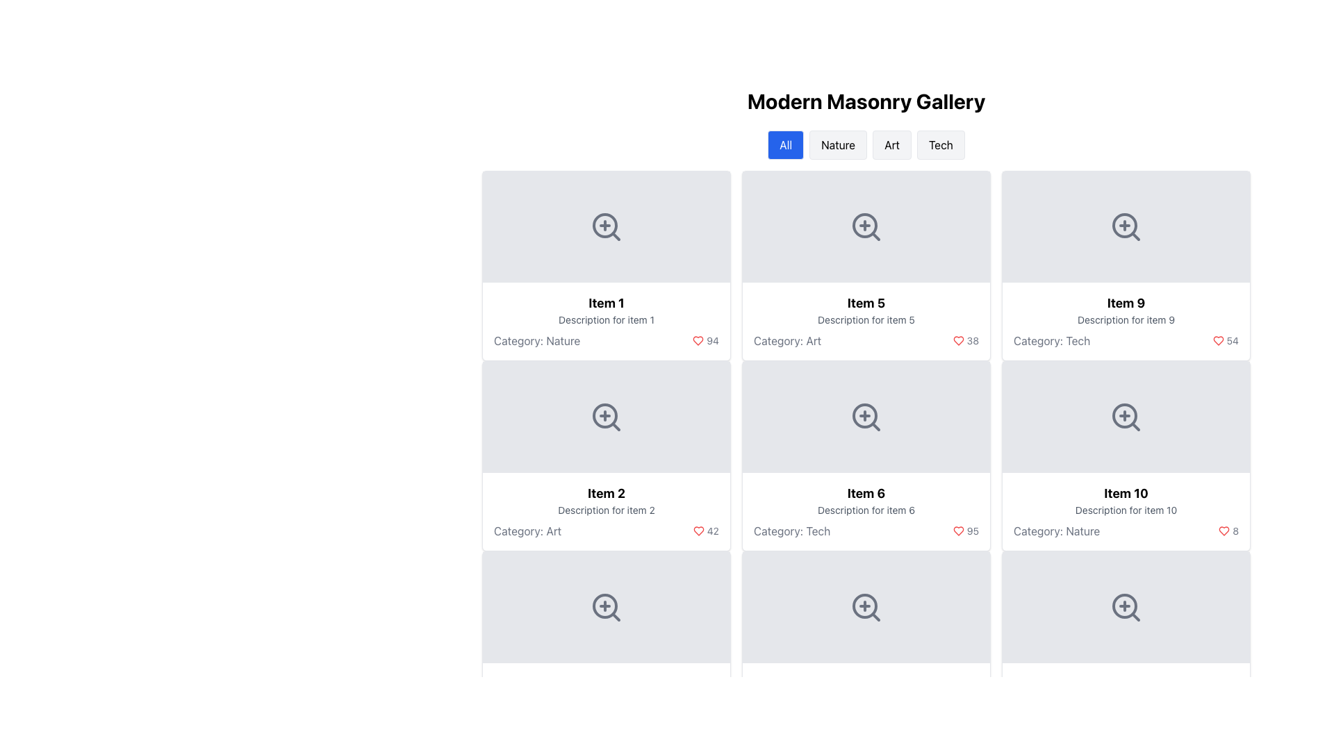 The image size is (1334, 750). I want to click on the zoom-in icon for 'Item 10' located in the third column and fourth row of the grid layout using keyboard navigation, so click(1126, 607).